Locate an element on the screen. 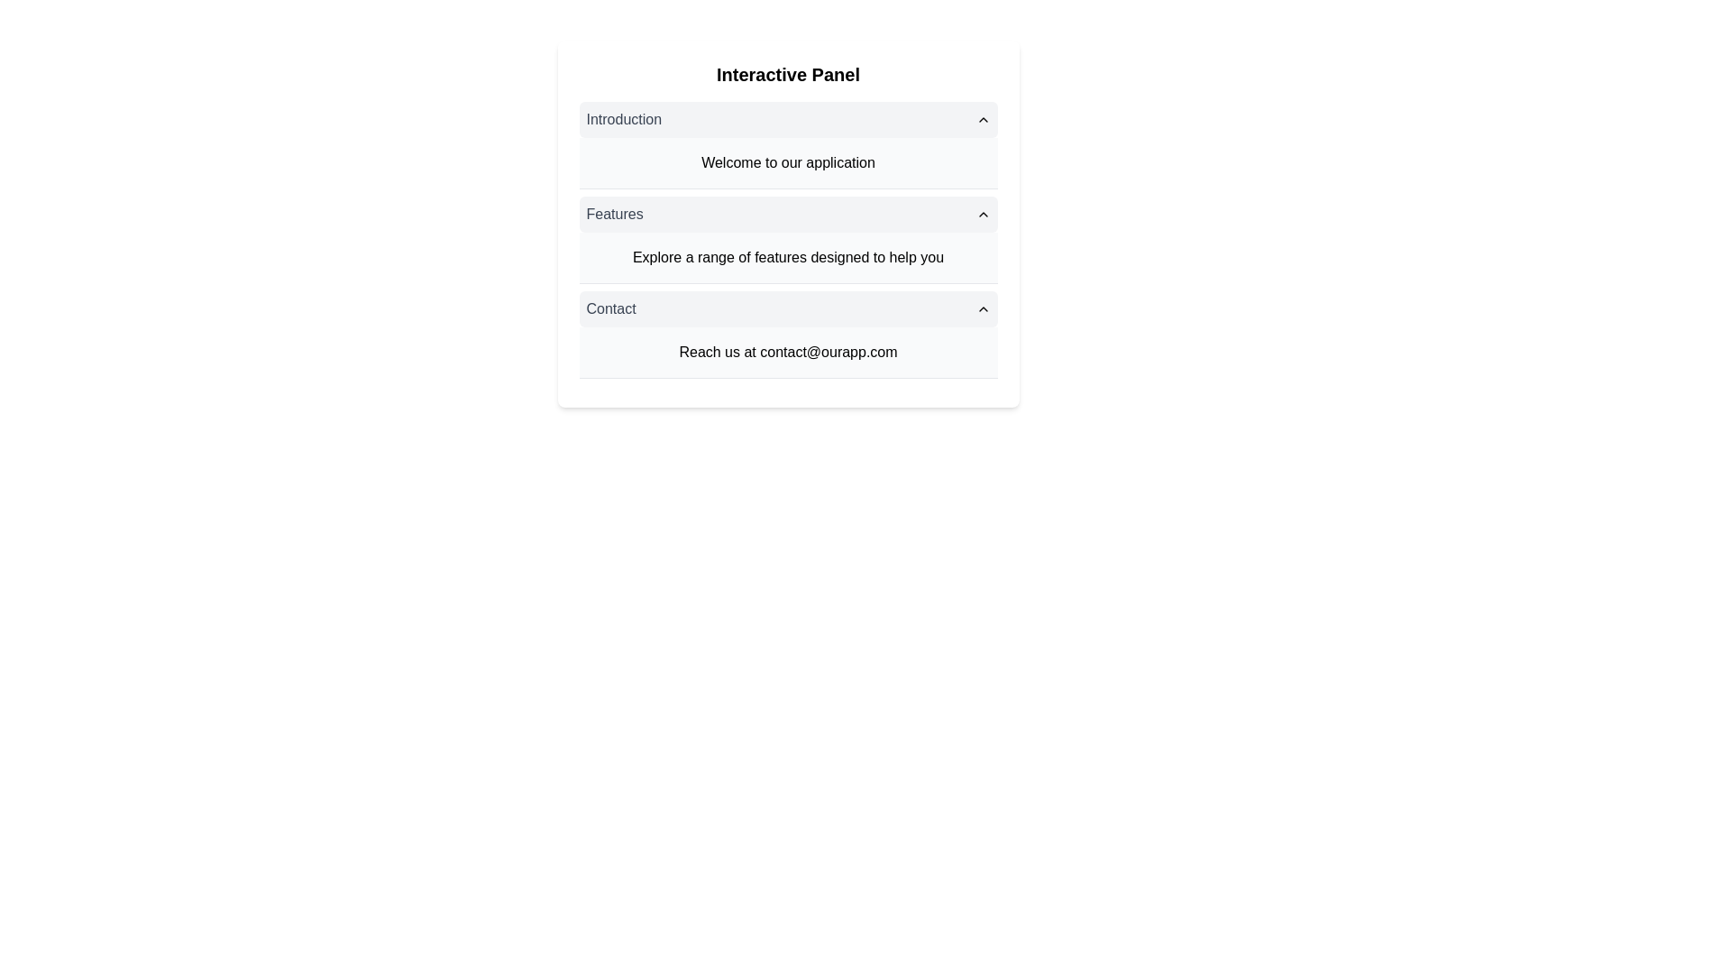  the informational message welcoming users to the application, located in the 'Introduction' section of the interactive panel, directly following the header label 'Introduction' is located at coordinates (788, 163).